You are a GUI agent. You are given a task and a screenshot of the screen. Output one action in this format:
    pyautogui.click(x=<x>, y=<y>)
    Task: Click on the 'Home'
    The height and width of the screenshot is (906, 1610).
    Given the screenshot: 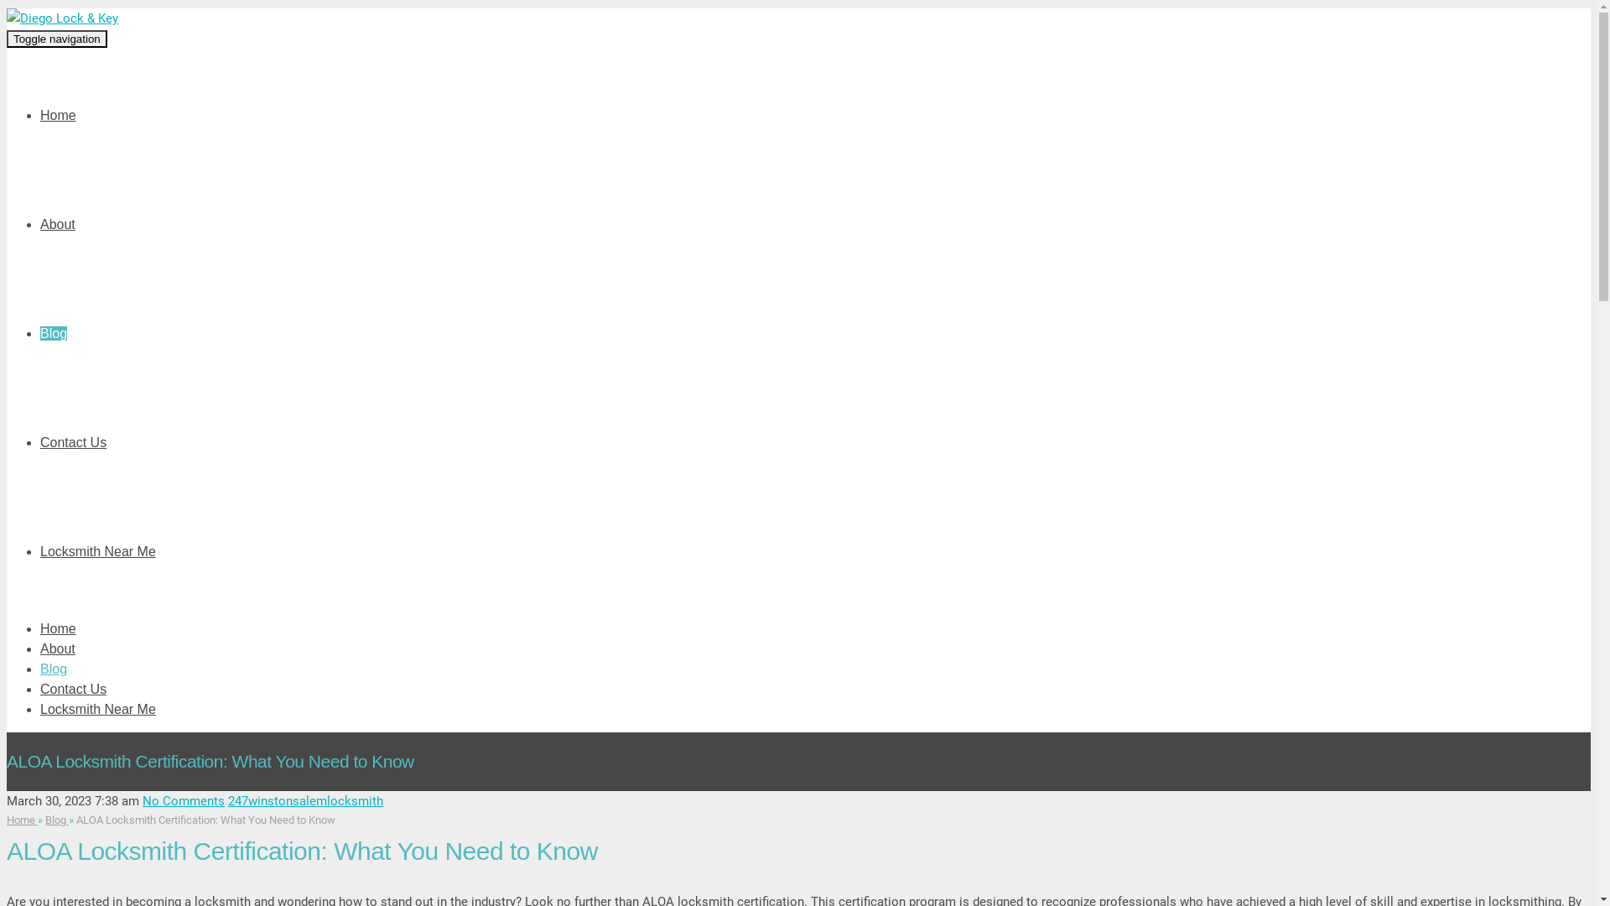 What is the action you would take?
    pyautogui.click(x=58, y=628)
    